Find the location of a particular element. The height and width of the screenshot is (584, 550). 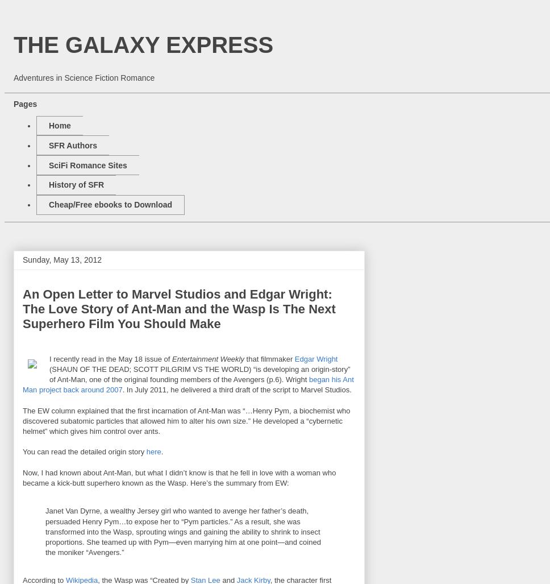

'that filmmaker' is located at coordinates (269, 358).